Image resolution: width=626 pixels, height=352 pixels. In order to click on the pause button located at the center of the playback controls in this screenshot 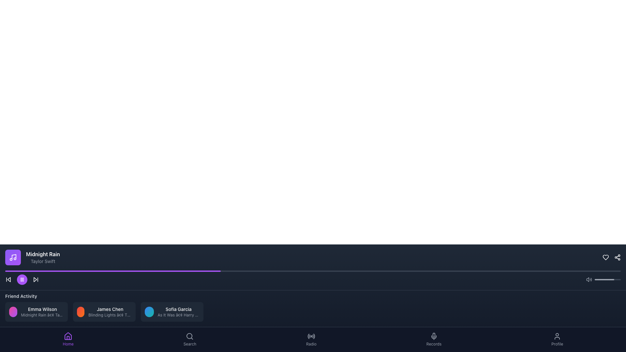, I will do `click(22, 279)`.